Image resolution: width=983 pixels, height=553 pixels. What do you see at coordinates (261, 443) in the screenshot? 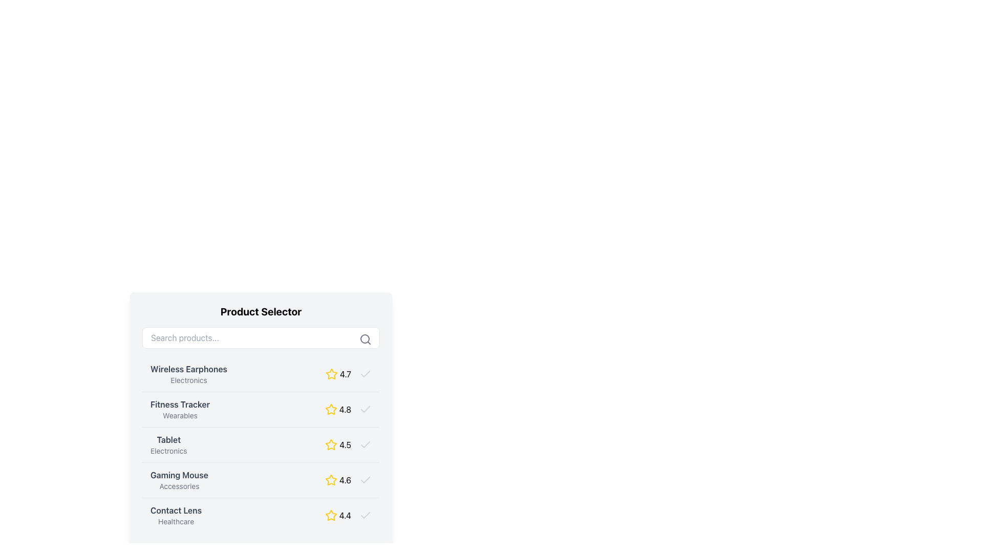
I see `to select the product information for the 'Tablet' in the electronics category, which is the third item in the vertical list` at bounding box center [261, 443].